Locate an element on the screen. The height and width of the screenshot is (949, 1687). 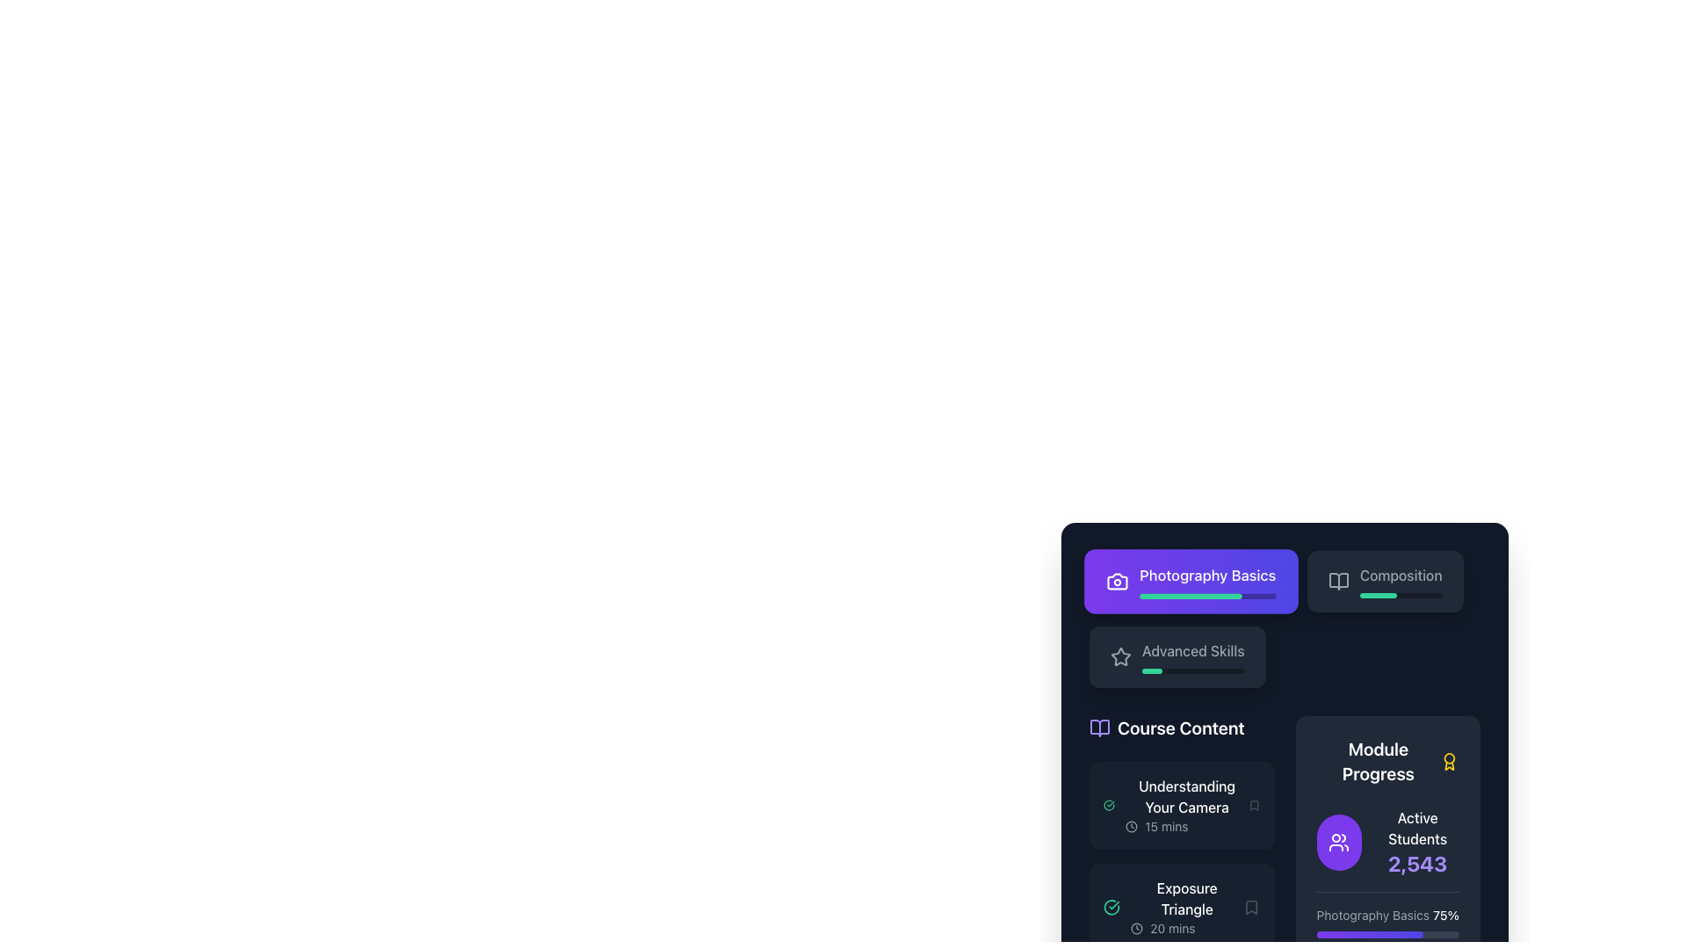
the progress representation of the horizontal progress bar with a black background and a partially filled green indicator, positioned below the 'Composition' label in the 'Photography Basics' interface is located at coordinates (1400, 595).